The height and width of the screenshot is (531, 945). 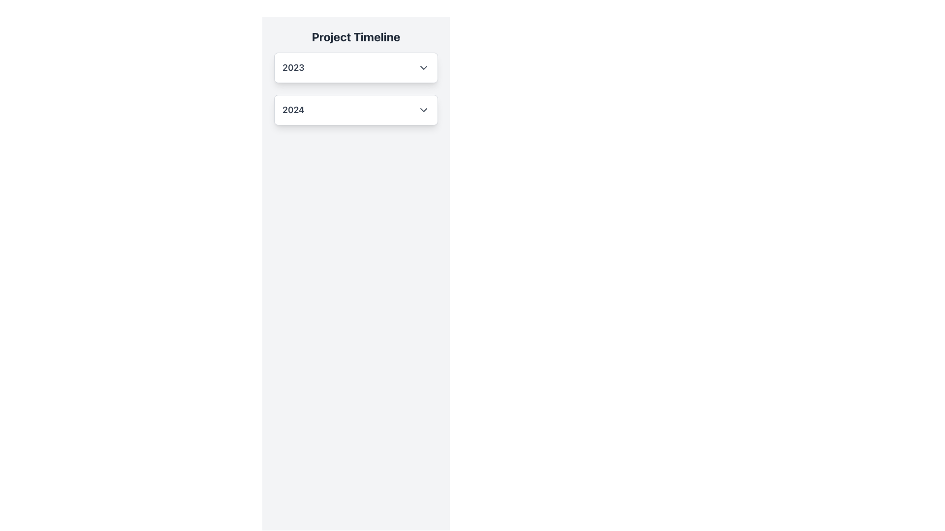 I want to click on the text label indicating the year in the timeline selection interface, which is positioned to the left of the dropdown arrow icon under the 'Project Timeline' heading, so click(x=293, y=67).